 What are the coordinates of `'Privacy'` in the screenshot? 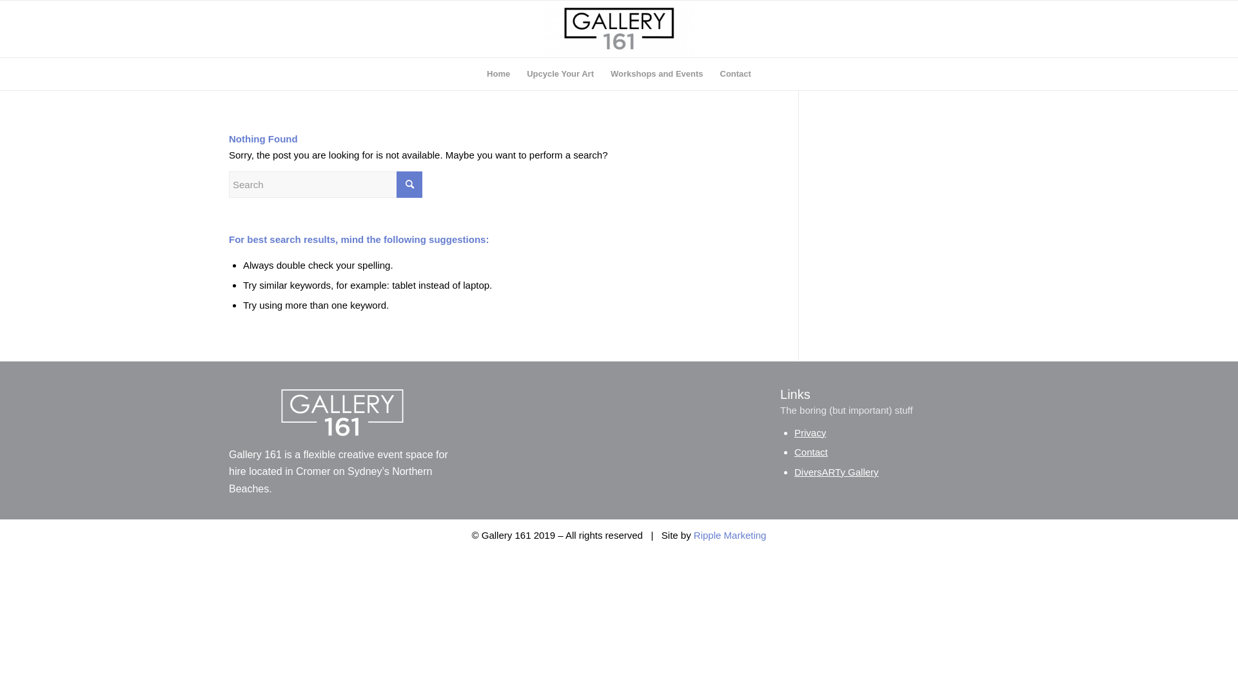 It's located at (809, 432).